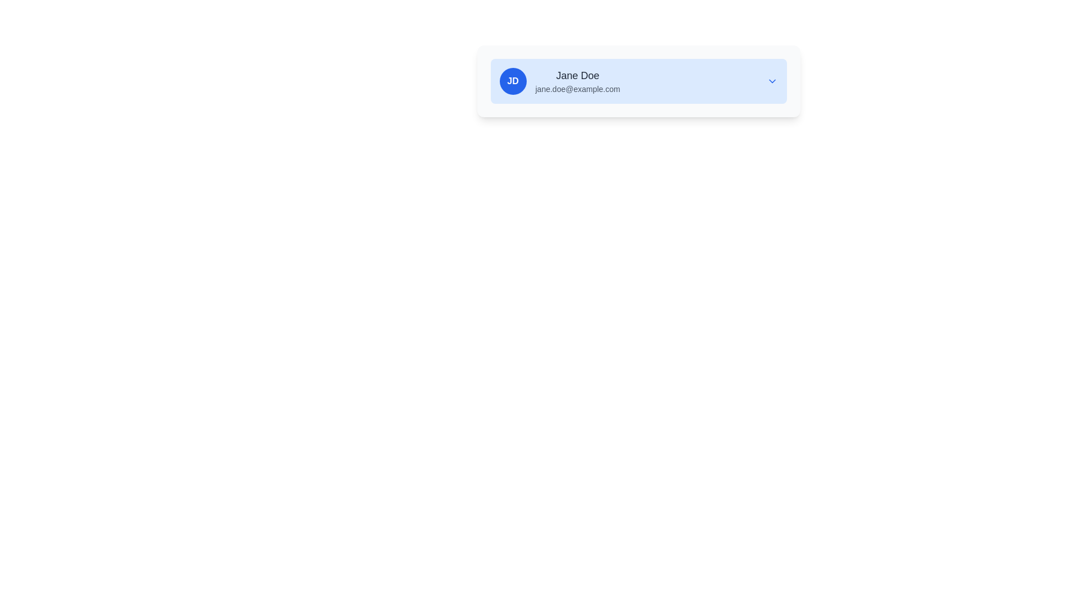  What do you see at coordinates (578, 76) in the screenshot?
I see `text displayed in the text label that identifies the user as 'Jane Doe', located at the top-center of the visible card` at bounding box center [578, 76].